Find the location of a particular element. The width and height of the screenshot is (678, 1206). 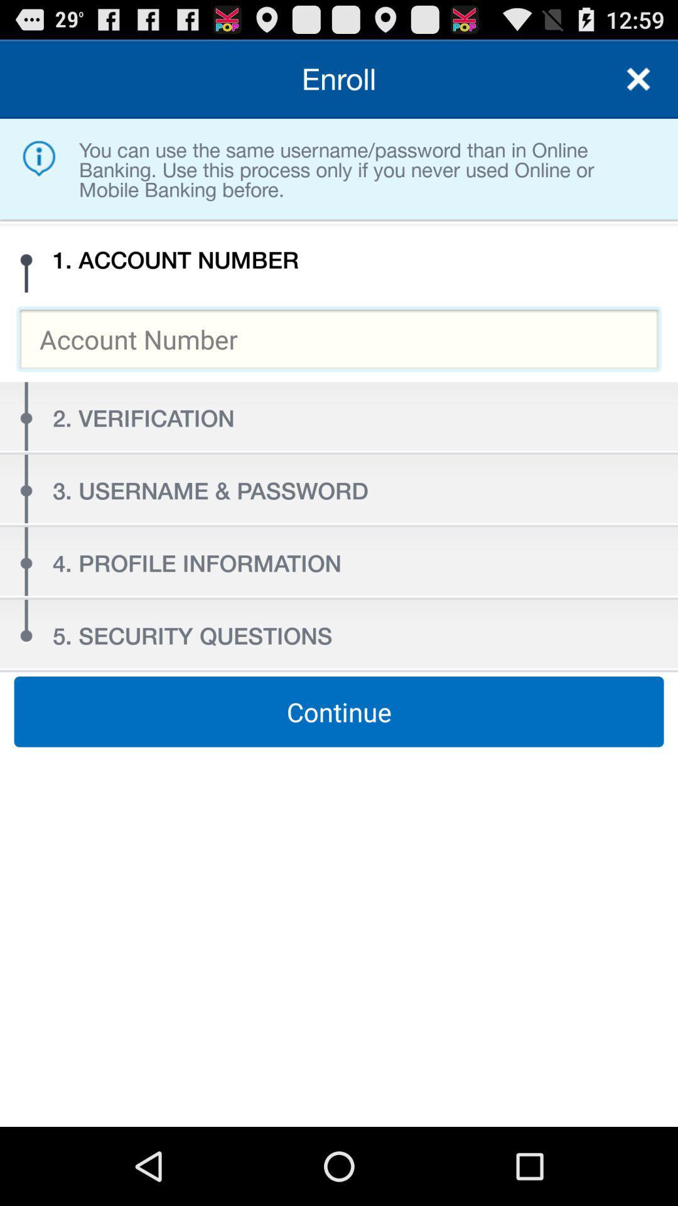

account number field is located at coordinates (339, 339).